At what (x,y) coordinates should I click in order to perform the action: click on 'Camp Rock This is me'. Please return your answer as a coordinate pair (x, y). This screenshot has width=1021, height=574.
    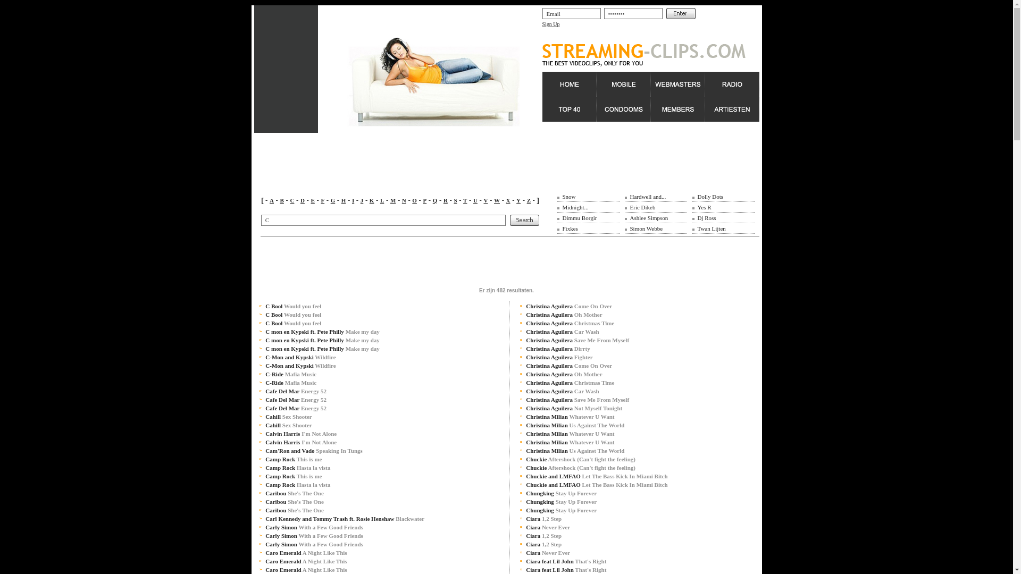
    Looking at the image, I should click on (265, 459).